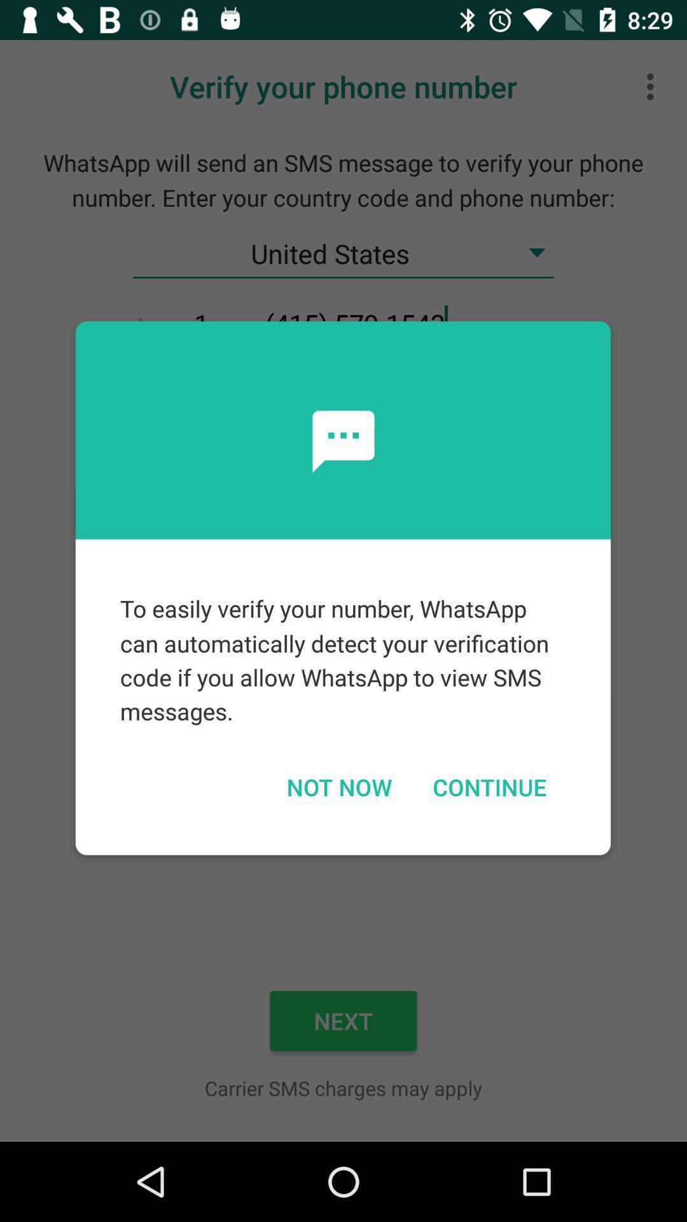  What do you see at coordinates (338, 786) in the screenshot?
I see `the icon next to continue item` at bounding box center [338, 786].